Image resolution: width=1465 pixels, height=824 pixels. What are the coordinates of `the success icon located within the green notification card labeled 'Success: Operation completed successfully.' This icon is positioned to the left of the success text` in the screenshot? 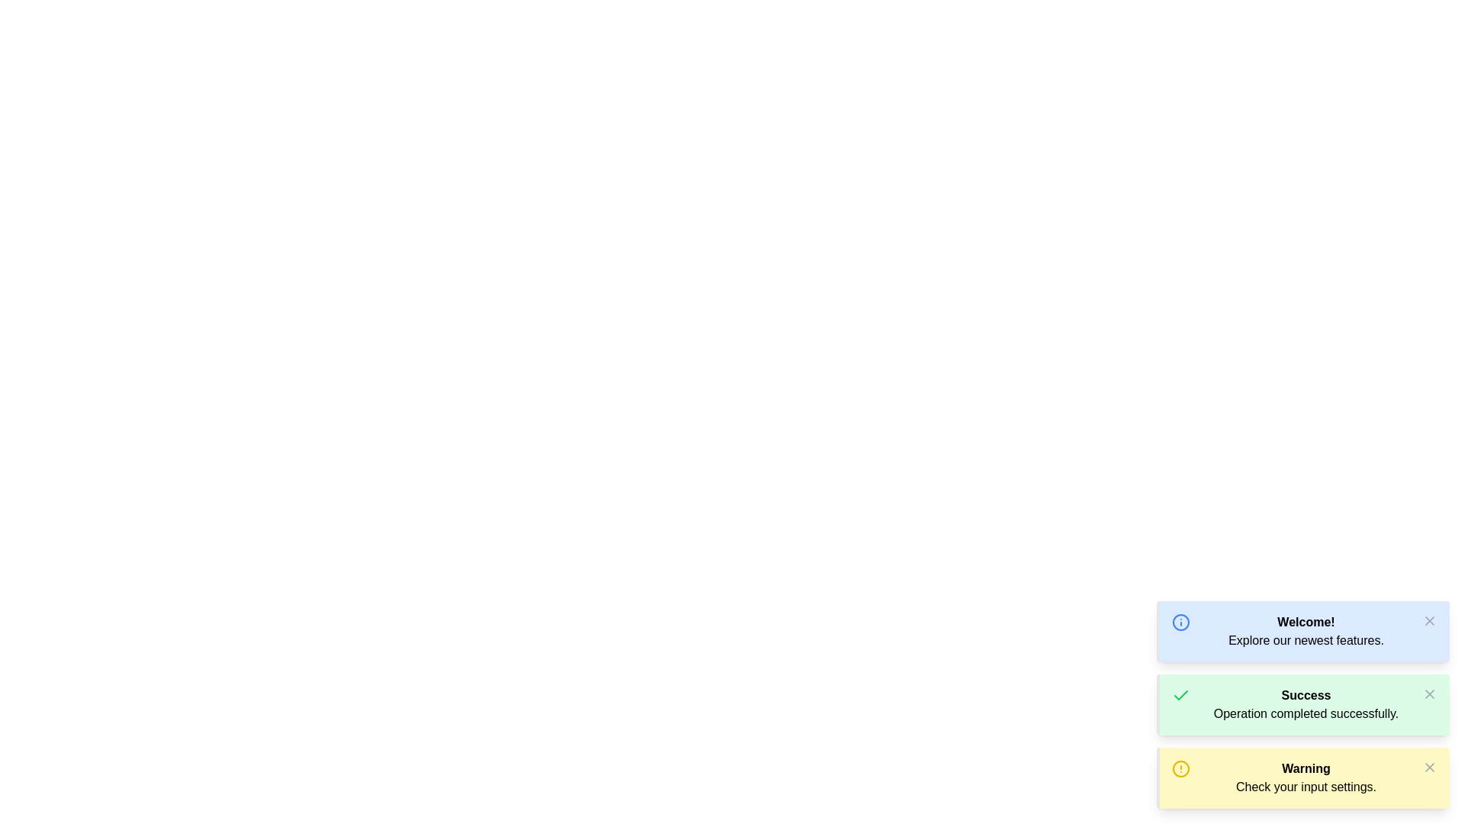 It's located at (1180, 694).